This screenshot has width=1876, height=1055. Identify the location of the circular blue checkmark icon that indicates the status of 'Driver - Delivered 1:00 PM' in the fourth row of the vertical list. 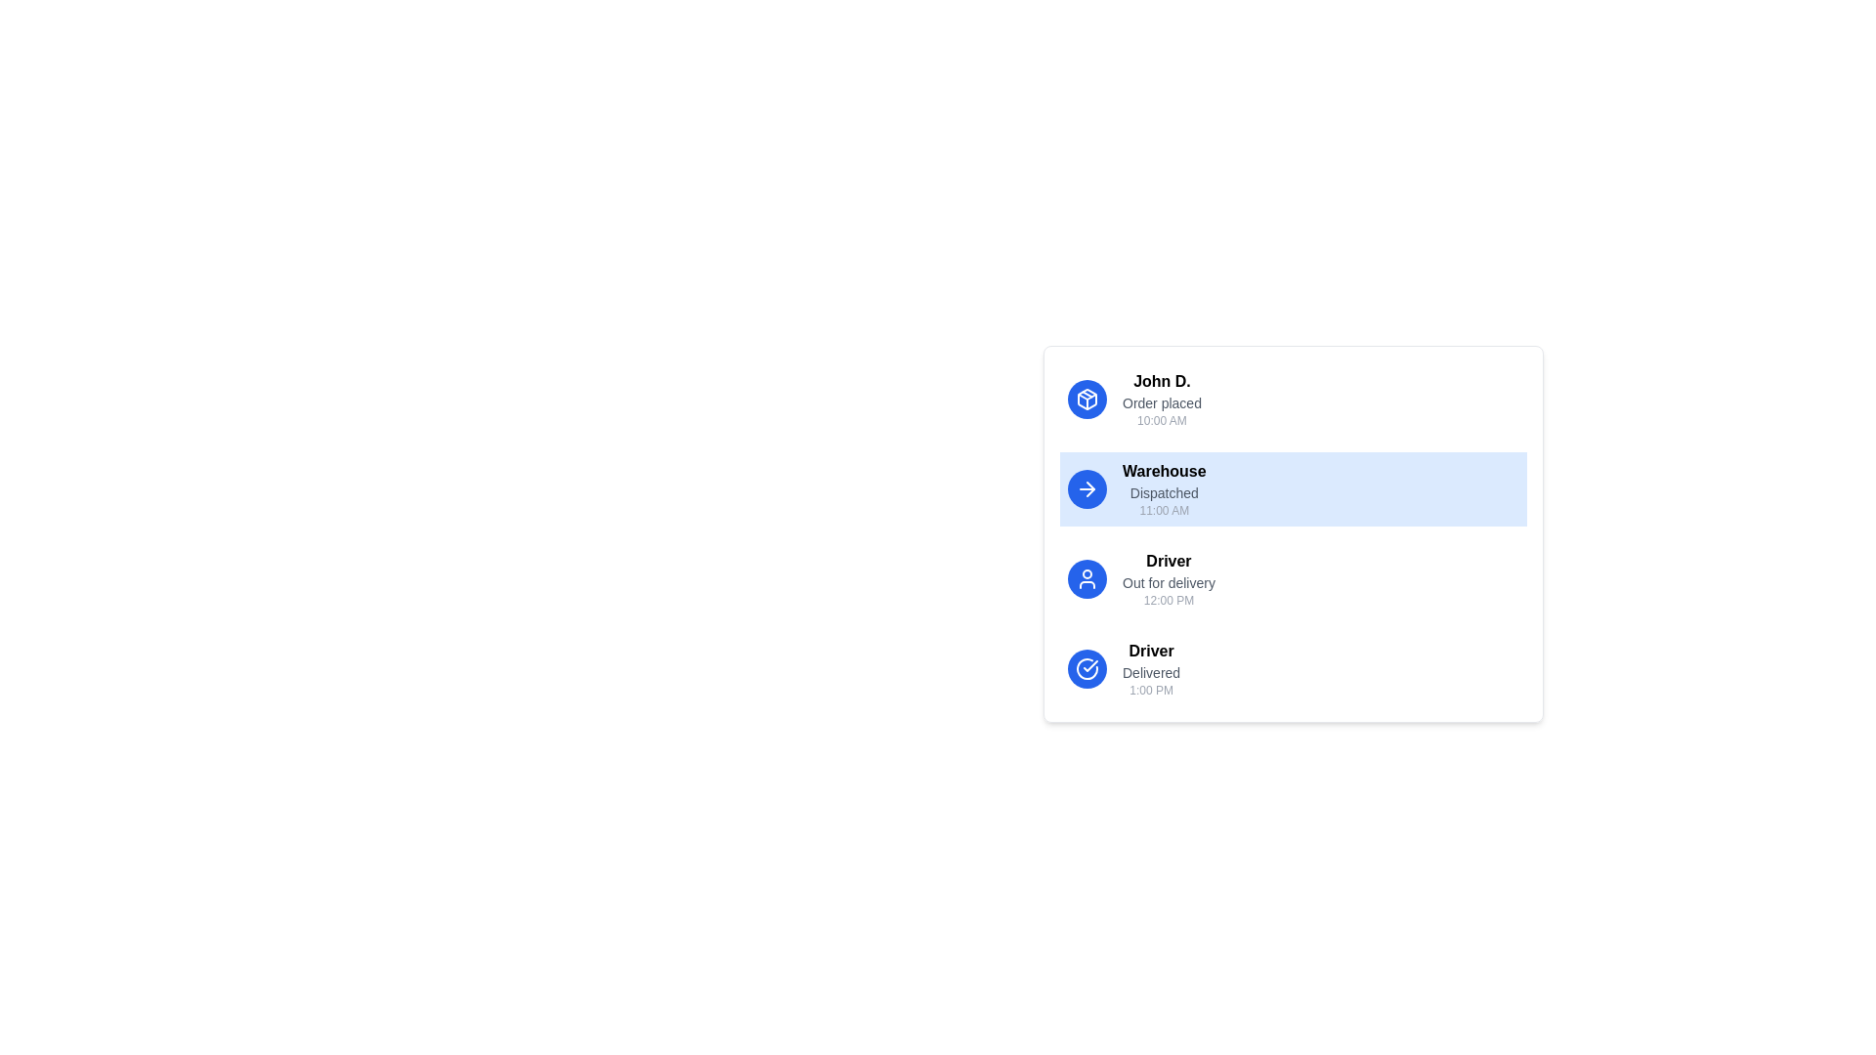
(1087, 668).